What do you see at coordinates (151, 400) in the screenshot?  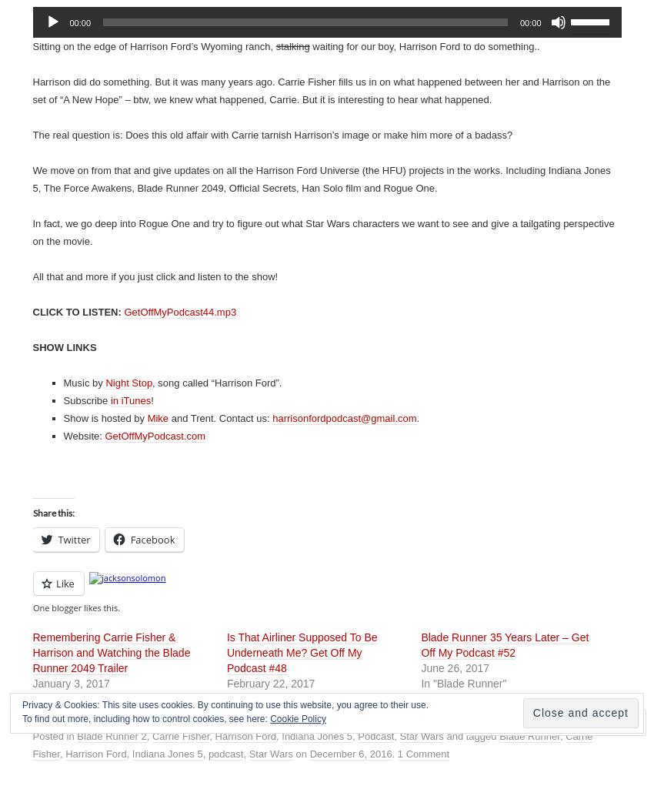 I see `'!'` at bounding box center [151, 400].